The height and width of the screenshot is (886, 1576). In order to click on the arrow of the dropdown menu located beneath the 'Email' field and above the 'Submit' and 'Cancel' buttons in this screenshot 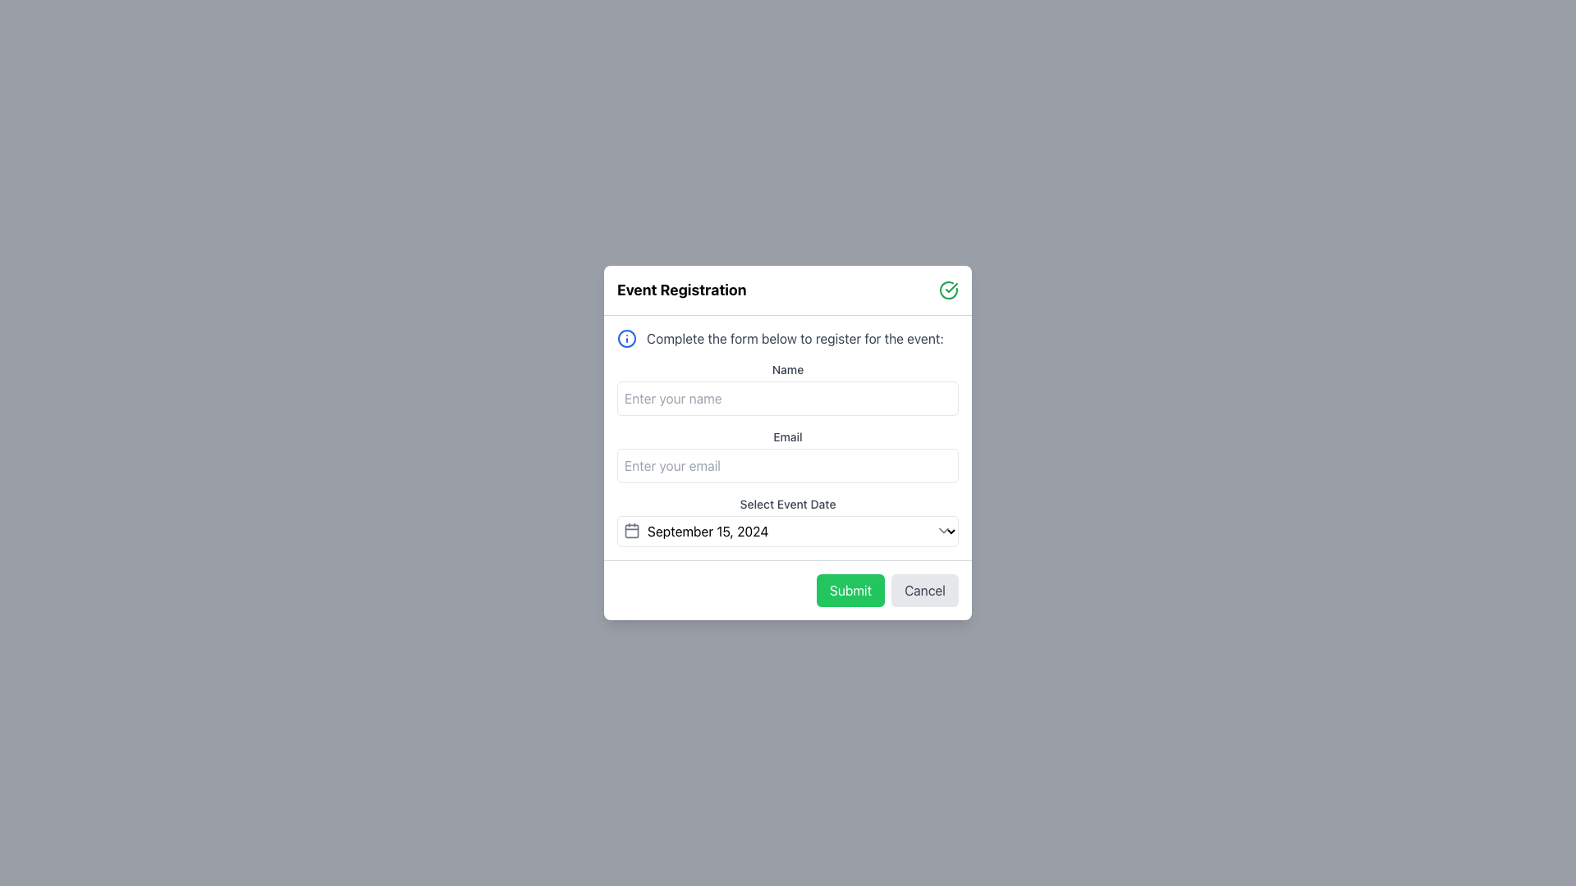, I will do `click(788, 522)`.